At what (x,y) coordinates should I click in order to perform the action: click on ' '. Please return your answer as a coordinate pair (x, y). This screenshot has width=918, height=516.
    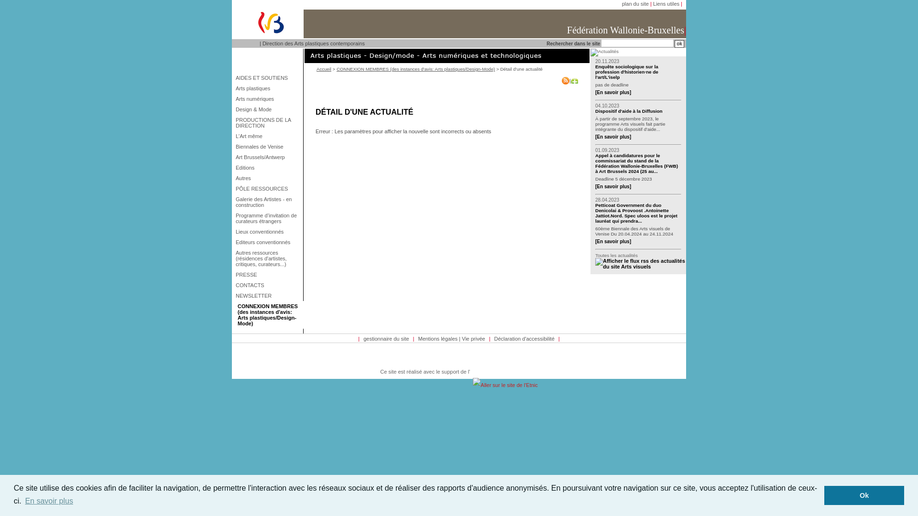
    Looking at the image, I should click on (640, 261).